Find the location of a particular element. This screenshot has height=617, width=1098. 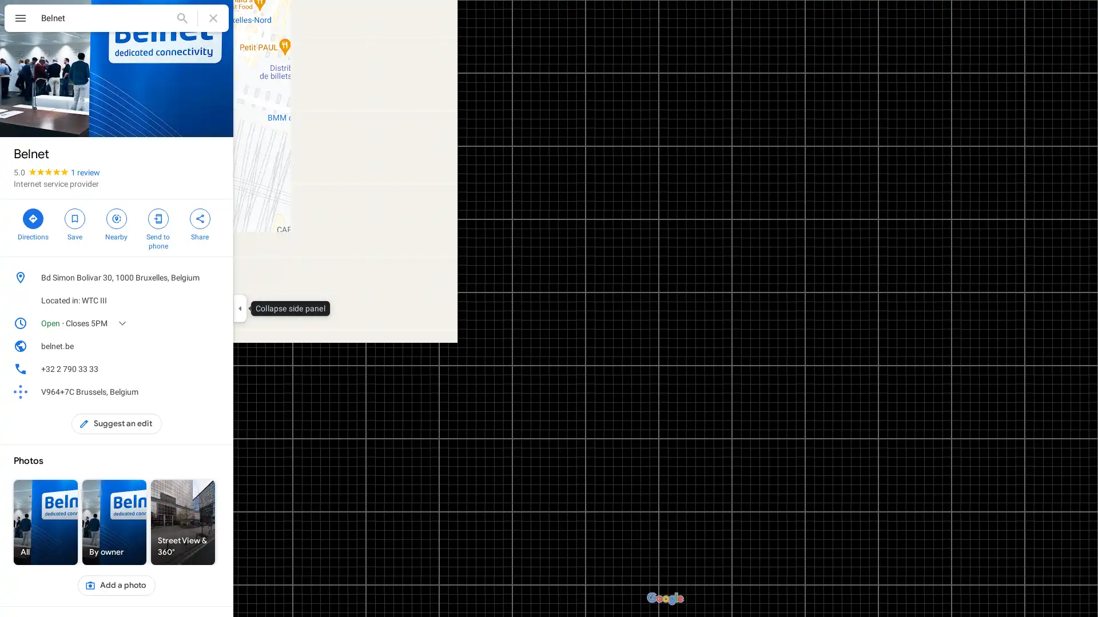

Internet service provider is located at coordinates (55, 183).